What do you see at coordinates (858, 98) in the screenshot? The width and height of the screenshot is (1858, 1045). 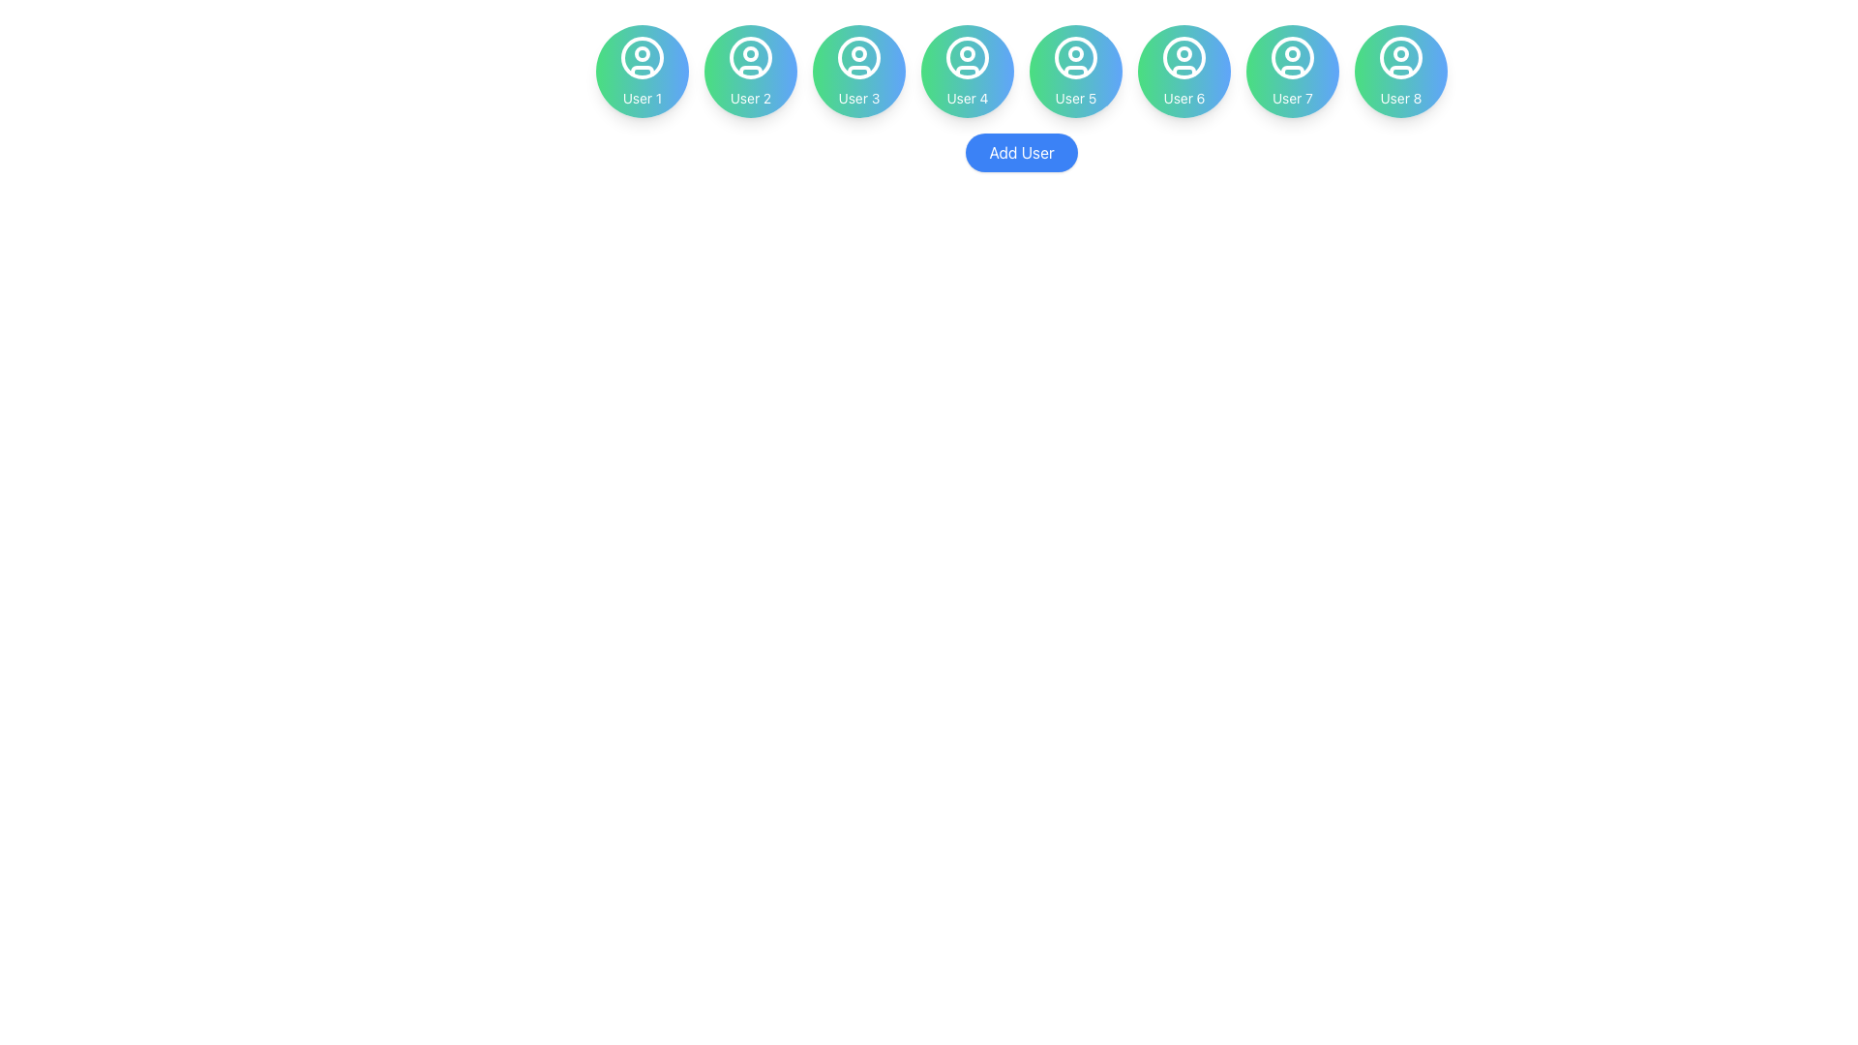 I see `the text label displaying 'User 3', which is located at the base of a circular user representation icon, specifically the 3rd position from the left` at bounding box center [858, 98].